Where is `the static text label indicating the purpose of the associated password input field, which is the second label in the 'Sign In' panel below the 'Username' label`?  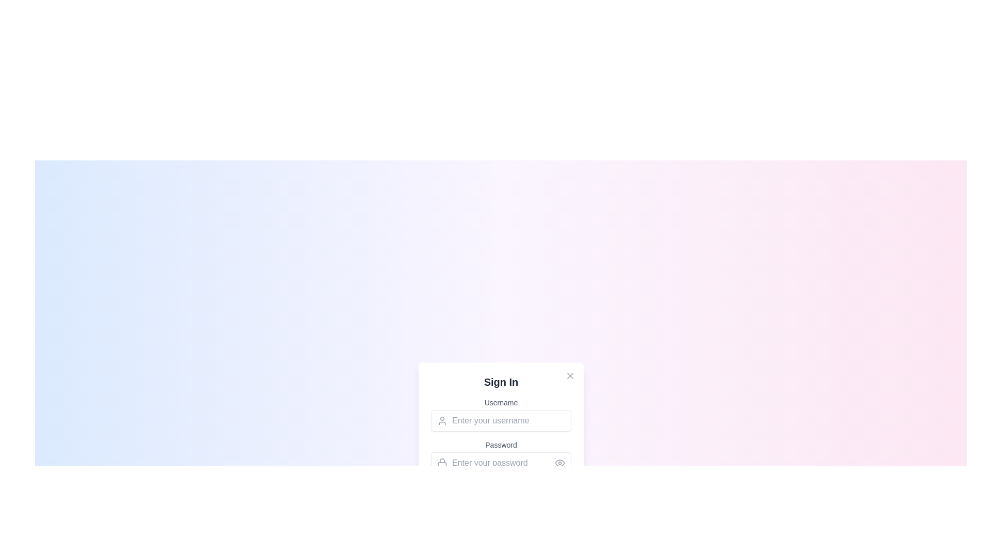
the static text label indicating the purpose of the associated password input field, which is the second label in the 'Sign In' panel below the 'Username' label is located at coordinates (501, 449).